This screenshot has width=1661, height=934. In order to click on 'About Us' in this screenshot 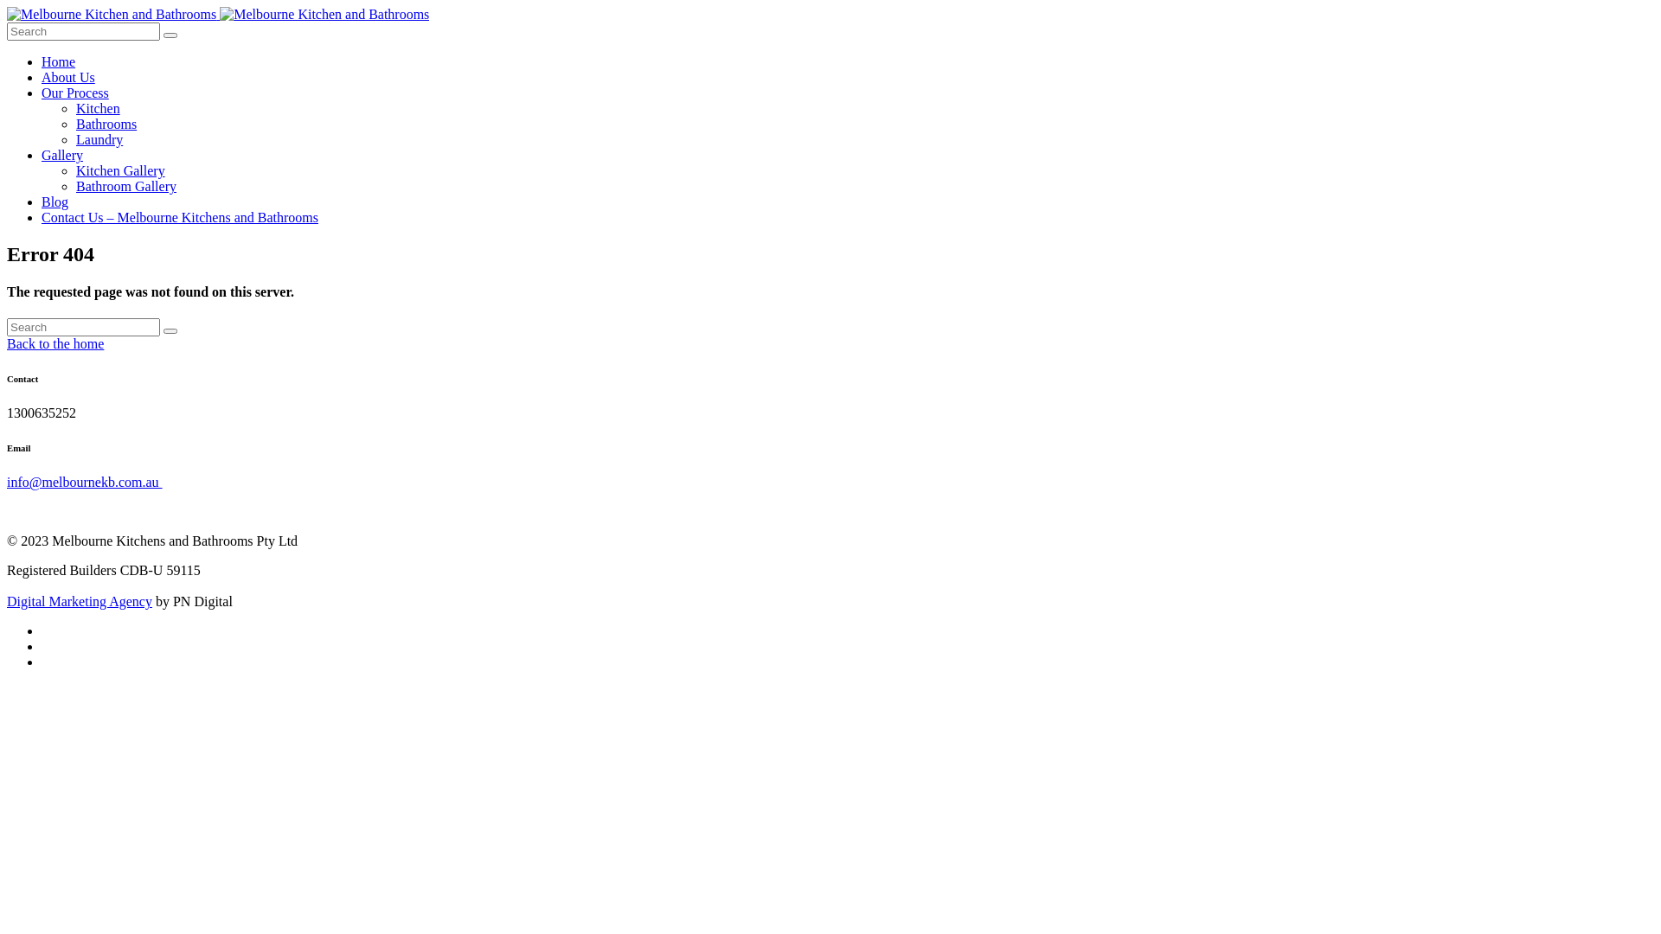, I will do `click(67, 76)`.